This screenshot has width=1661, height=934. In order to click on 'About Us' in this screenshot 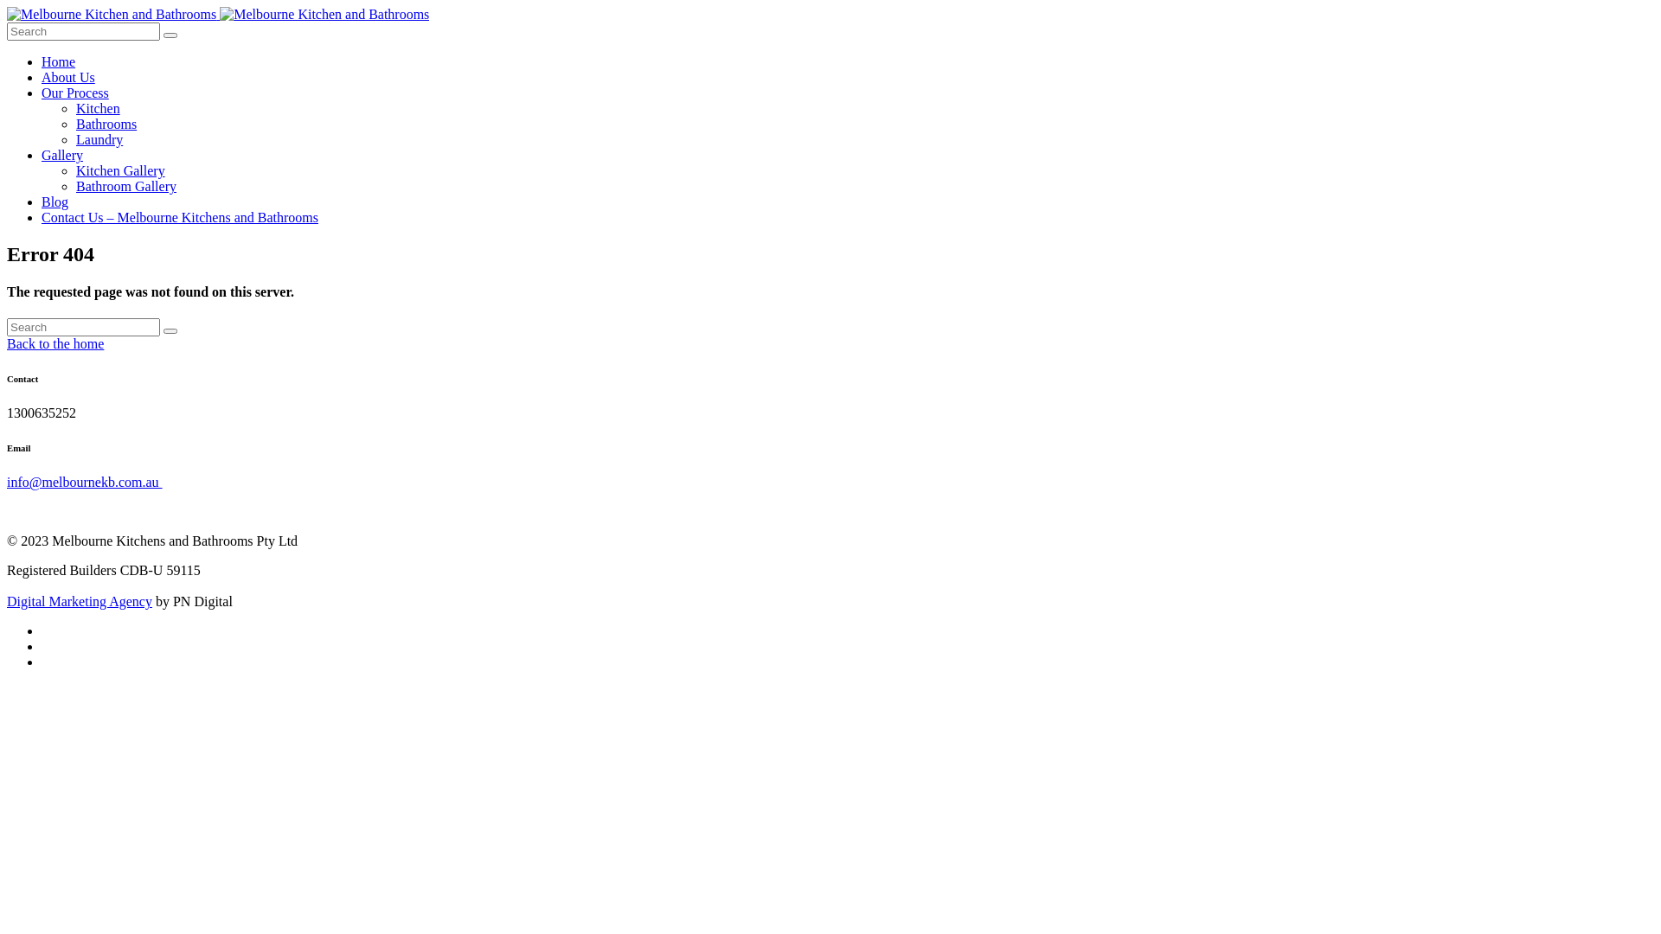, I will do `click(67, 76)`.